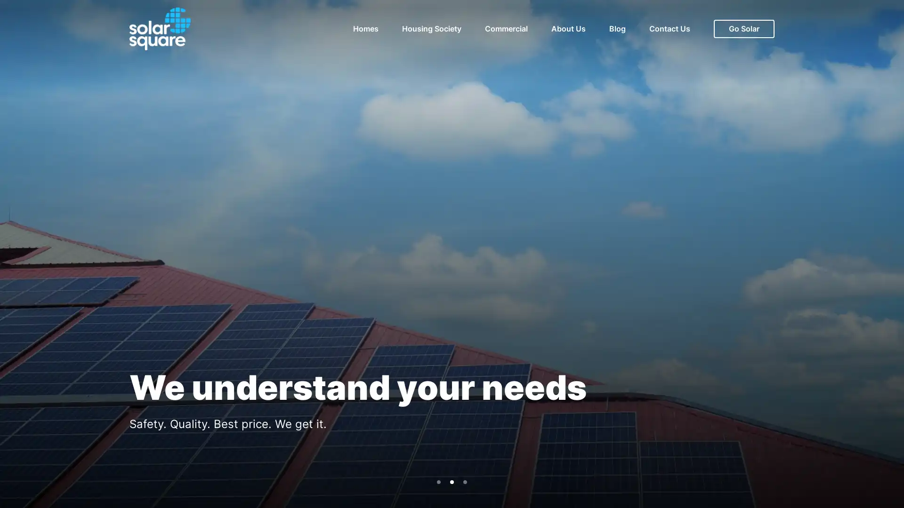  What do you see at coordinates (465, 482) in the screenshot?
I see `Go to slide 3` at bounding box center [465, 482].